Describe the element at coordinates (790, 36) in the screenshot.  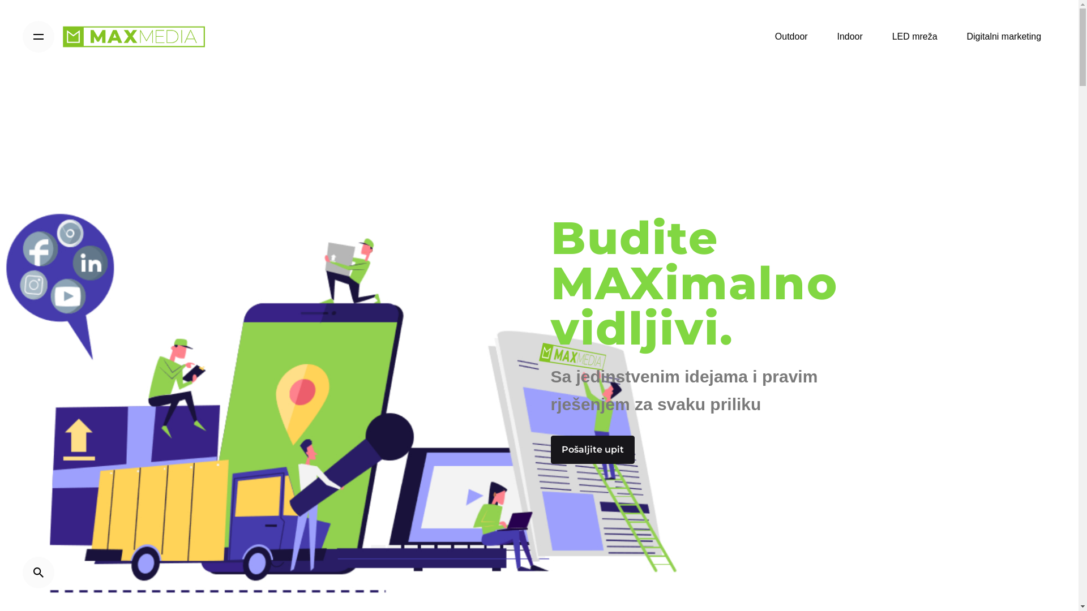
I see `'Outdoor'` at that location.